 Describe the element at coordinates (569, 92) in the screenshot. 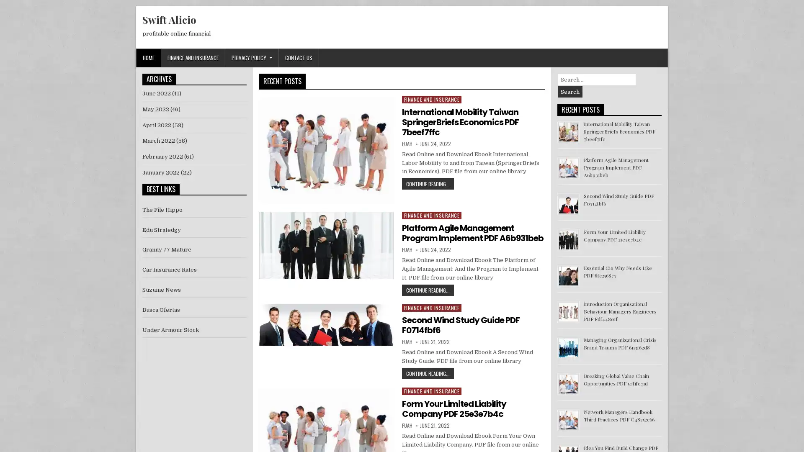

I see `Search` at that location.